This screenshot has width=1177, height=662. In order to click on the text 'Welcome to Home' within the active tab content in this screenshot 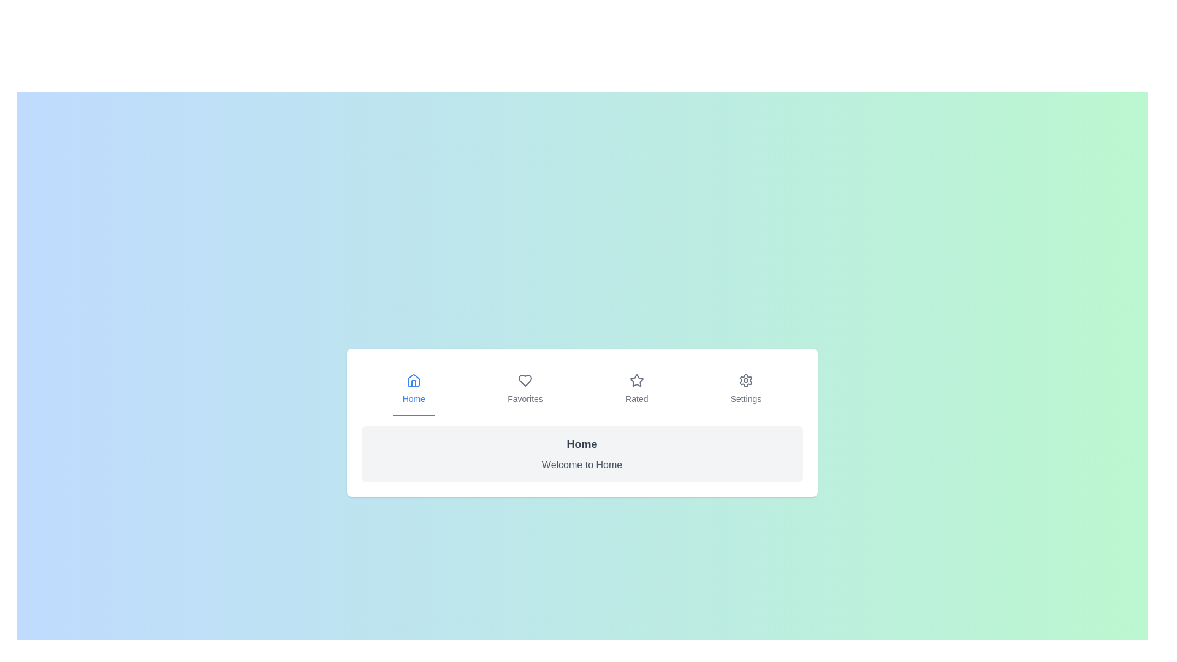, I will do `click(581, 454)`.